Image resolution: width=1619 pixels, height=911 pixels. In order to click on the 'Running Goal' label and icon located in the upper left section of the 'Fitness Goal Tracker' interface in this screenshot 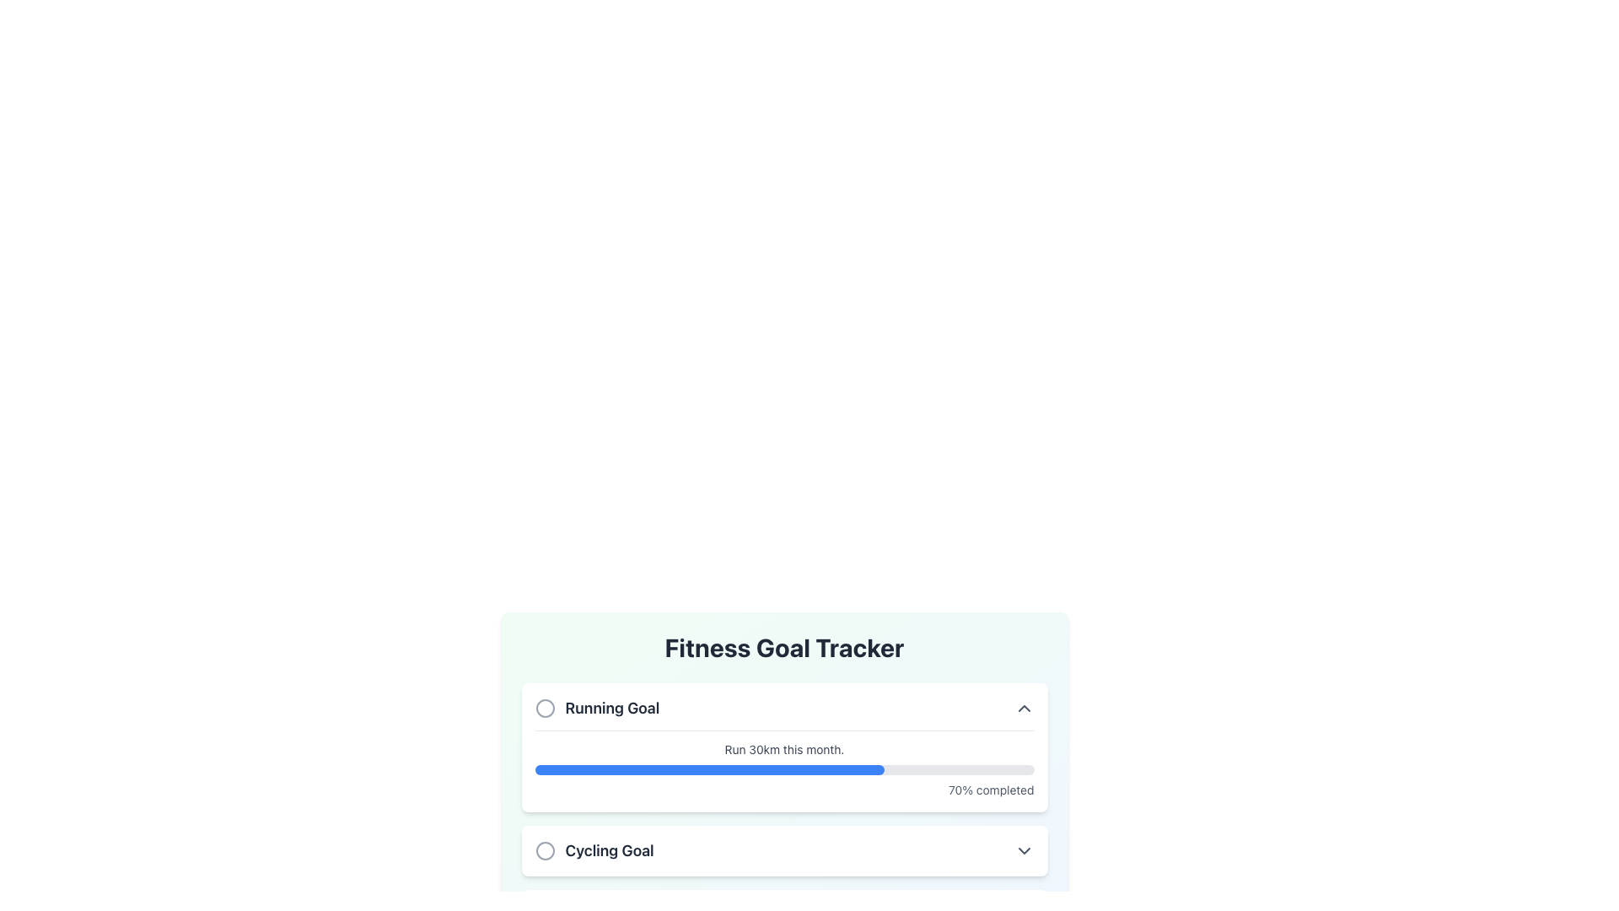, I will do `click(597, 709)`.